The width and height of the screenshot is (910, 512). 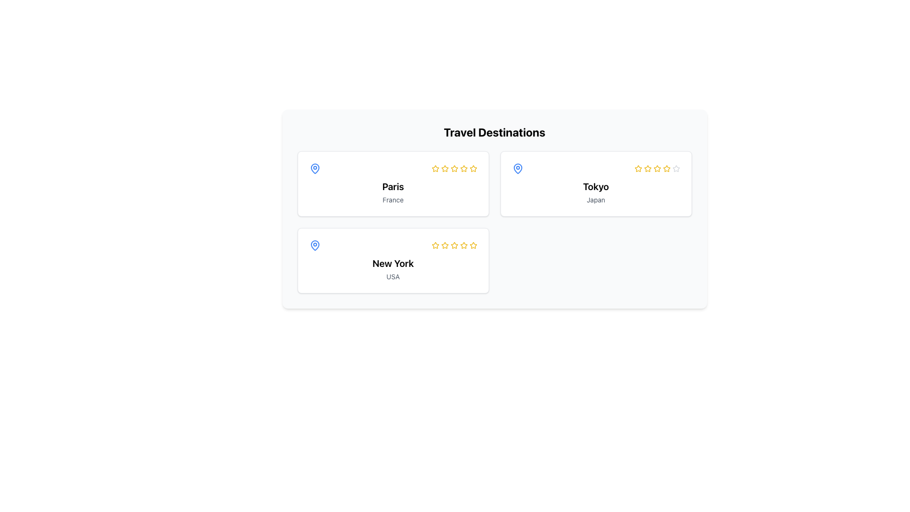 I want to click on text label indicating the country 'France' associated with the destination 'Paris', which is located within the 'Travel Destinations' section and below the 'Paris' card title, so click(x=393, y=199).